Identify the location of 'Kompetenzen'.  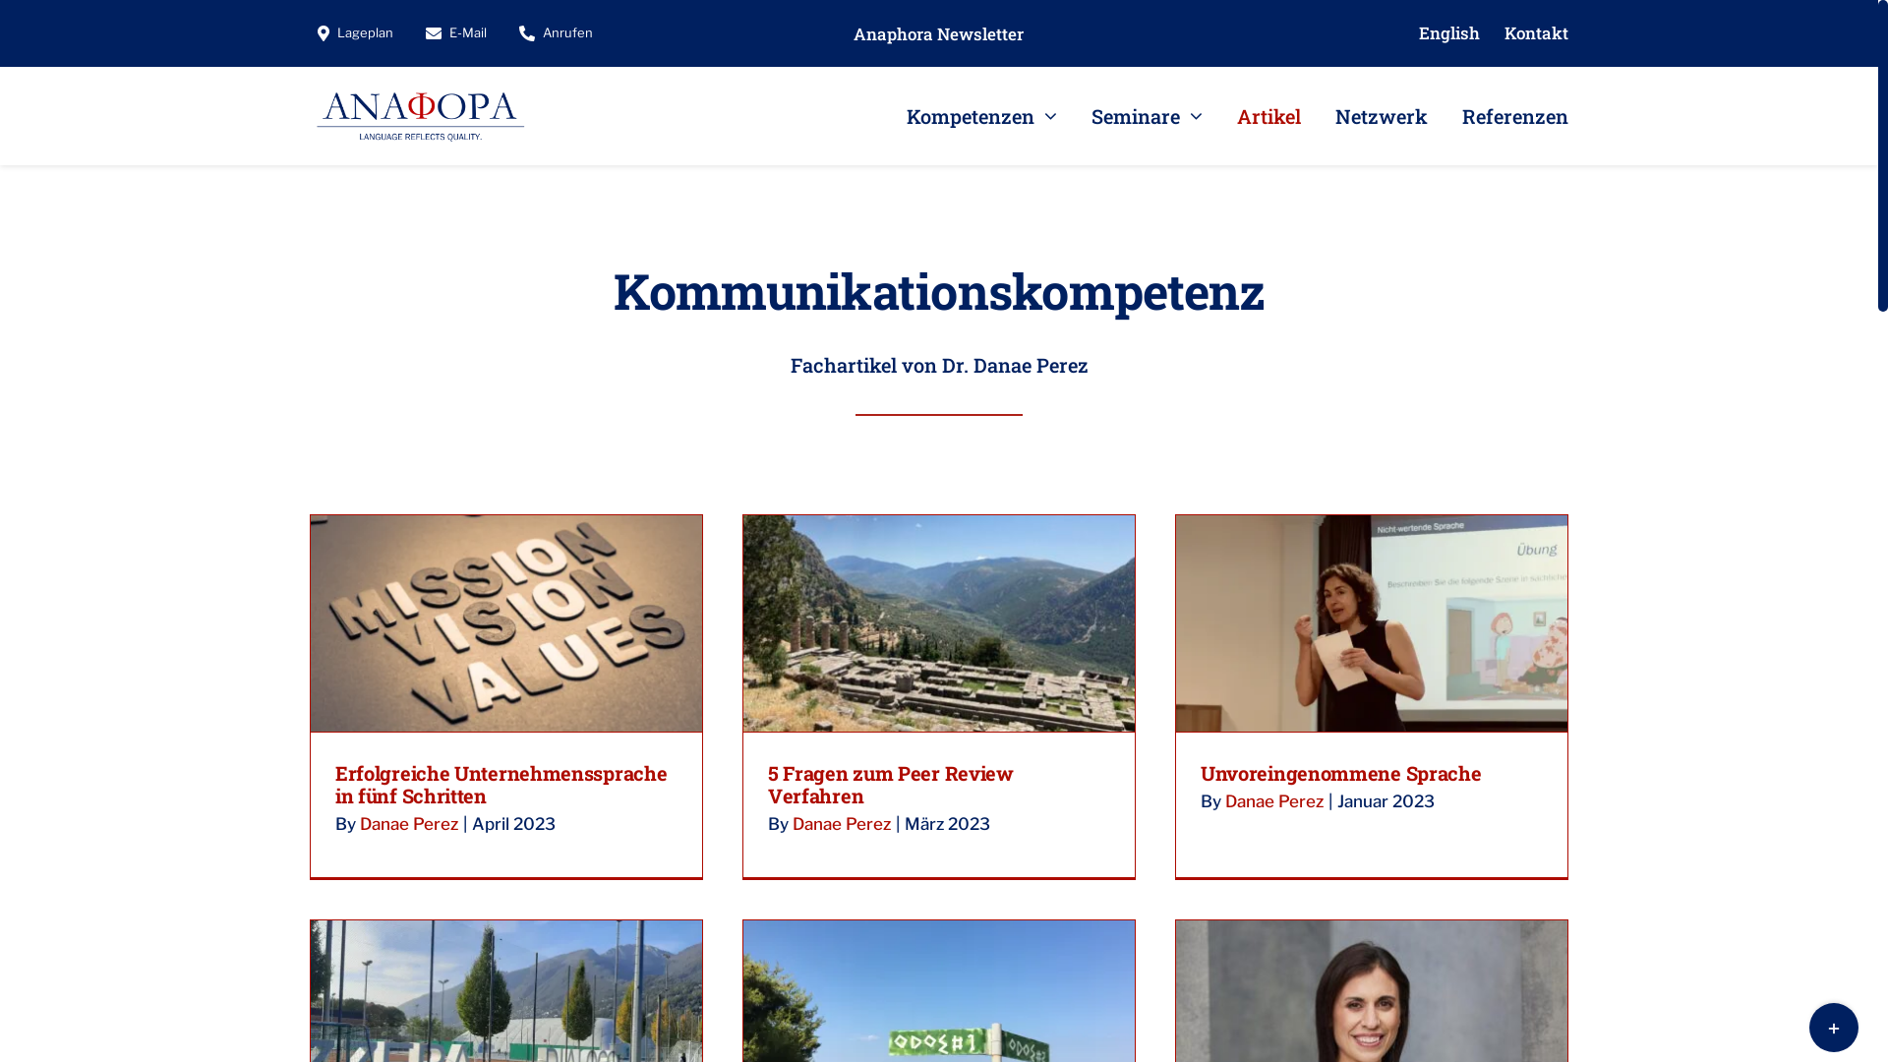
(905, 116).